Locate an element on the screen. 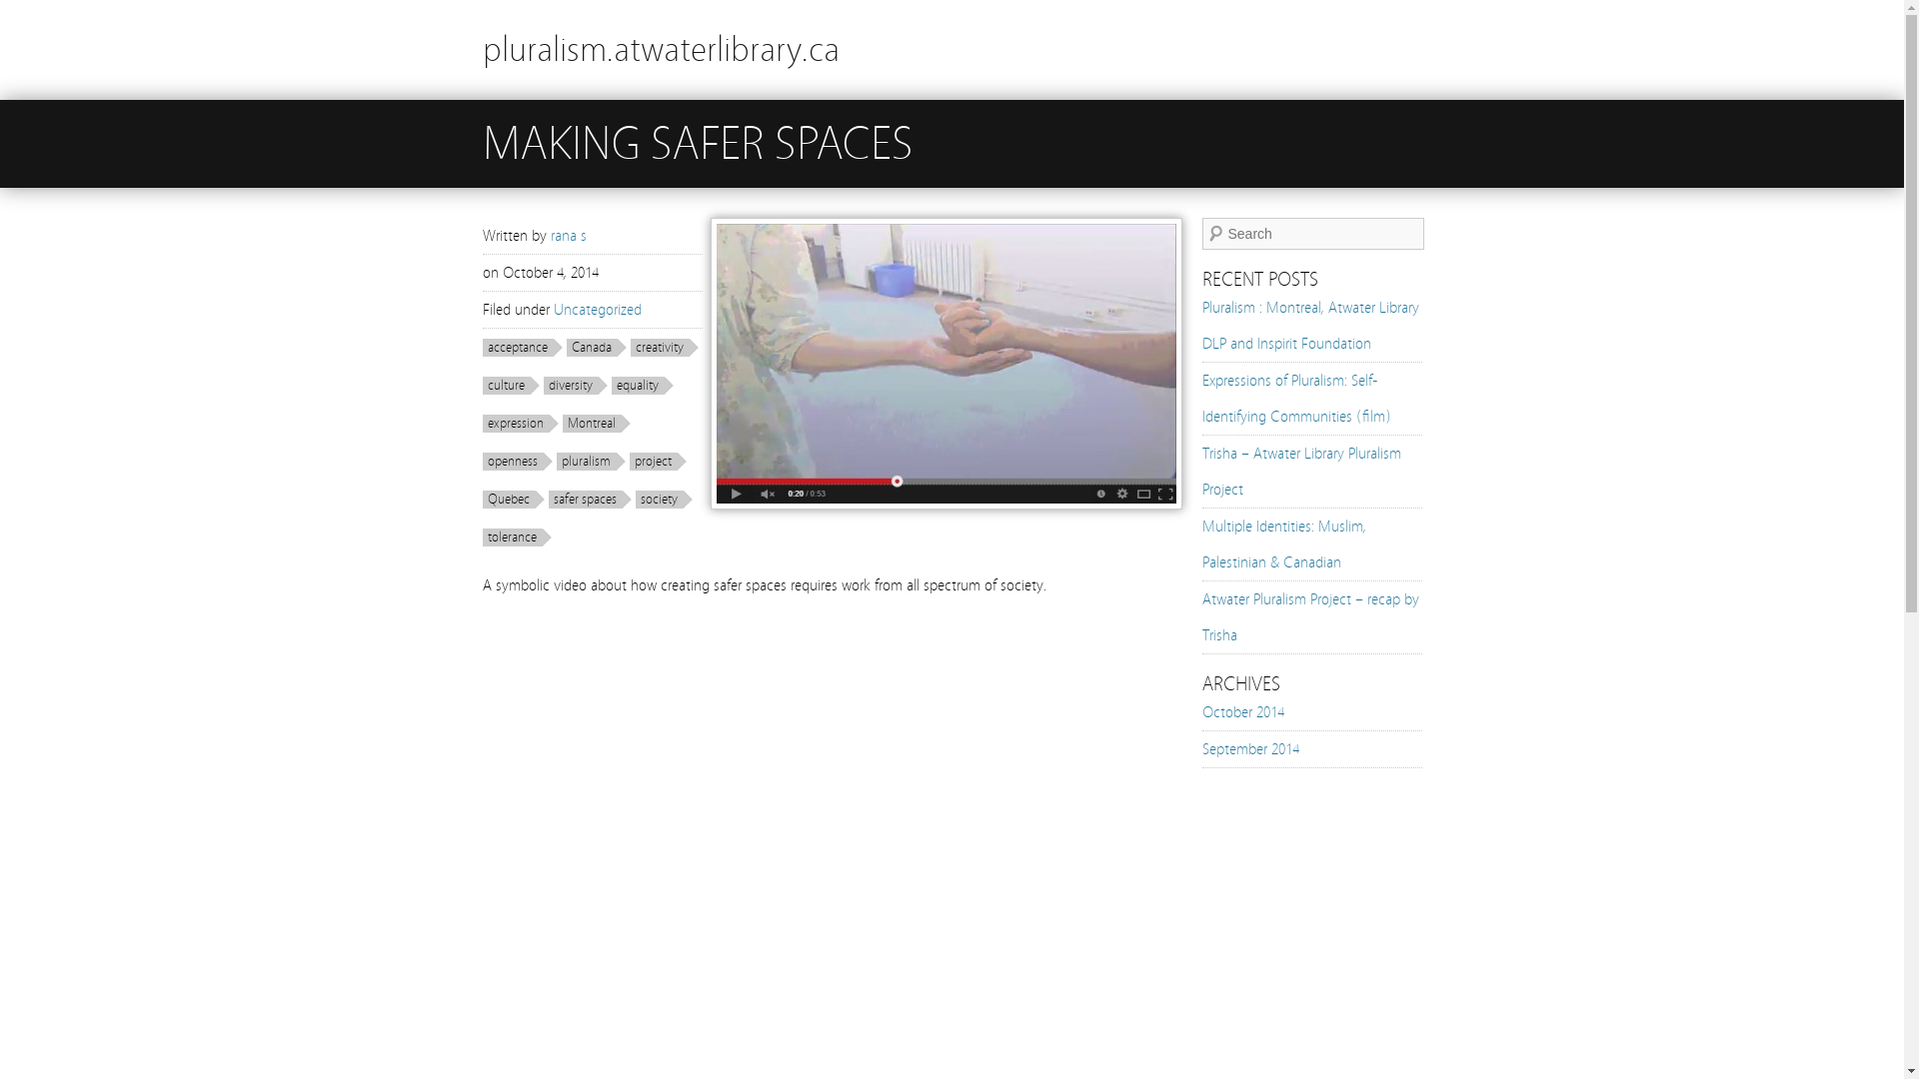  'October 2014' is located at coordinates (1241, 711).